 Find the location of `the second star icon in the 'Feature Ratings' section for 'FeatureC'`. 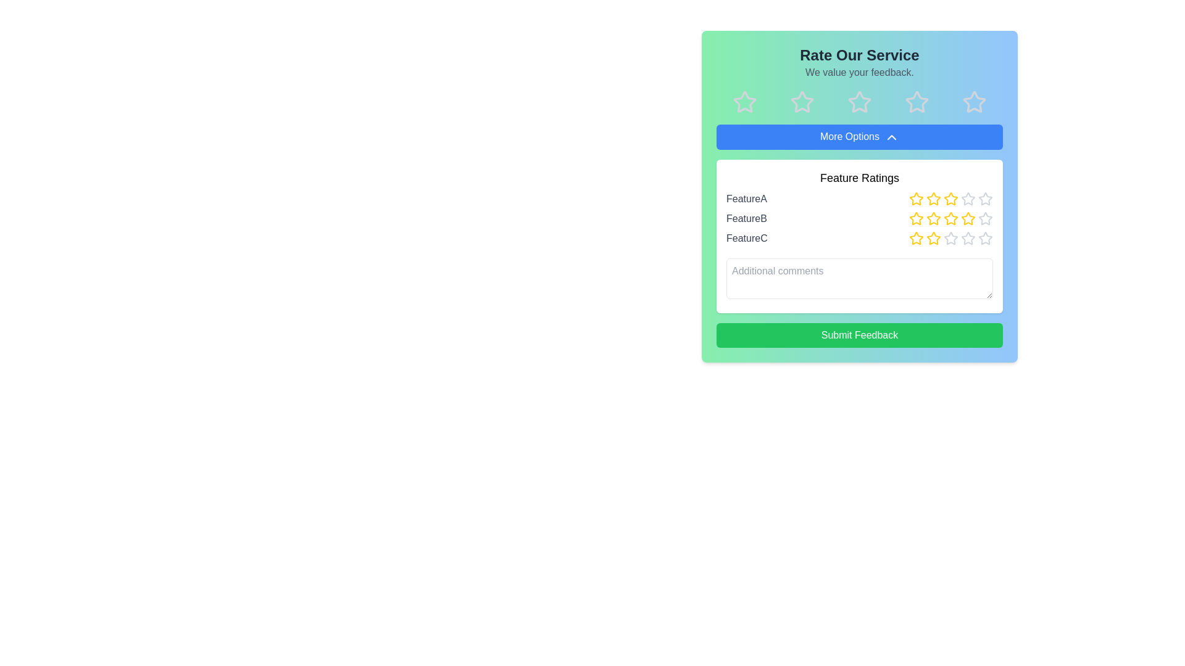

the second star icon in the 'Feature Ratings' section for 'FeatureC' is located at coordinates (916, 238).